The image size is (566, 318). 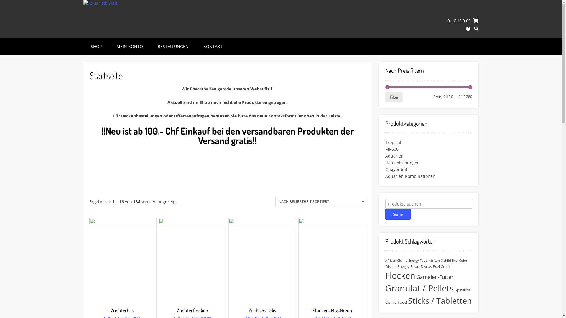 I want to click on 'BESTELLUNGEN', so click(x=172, y=46).